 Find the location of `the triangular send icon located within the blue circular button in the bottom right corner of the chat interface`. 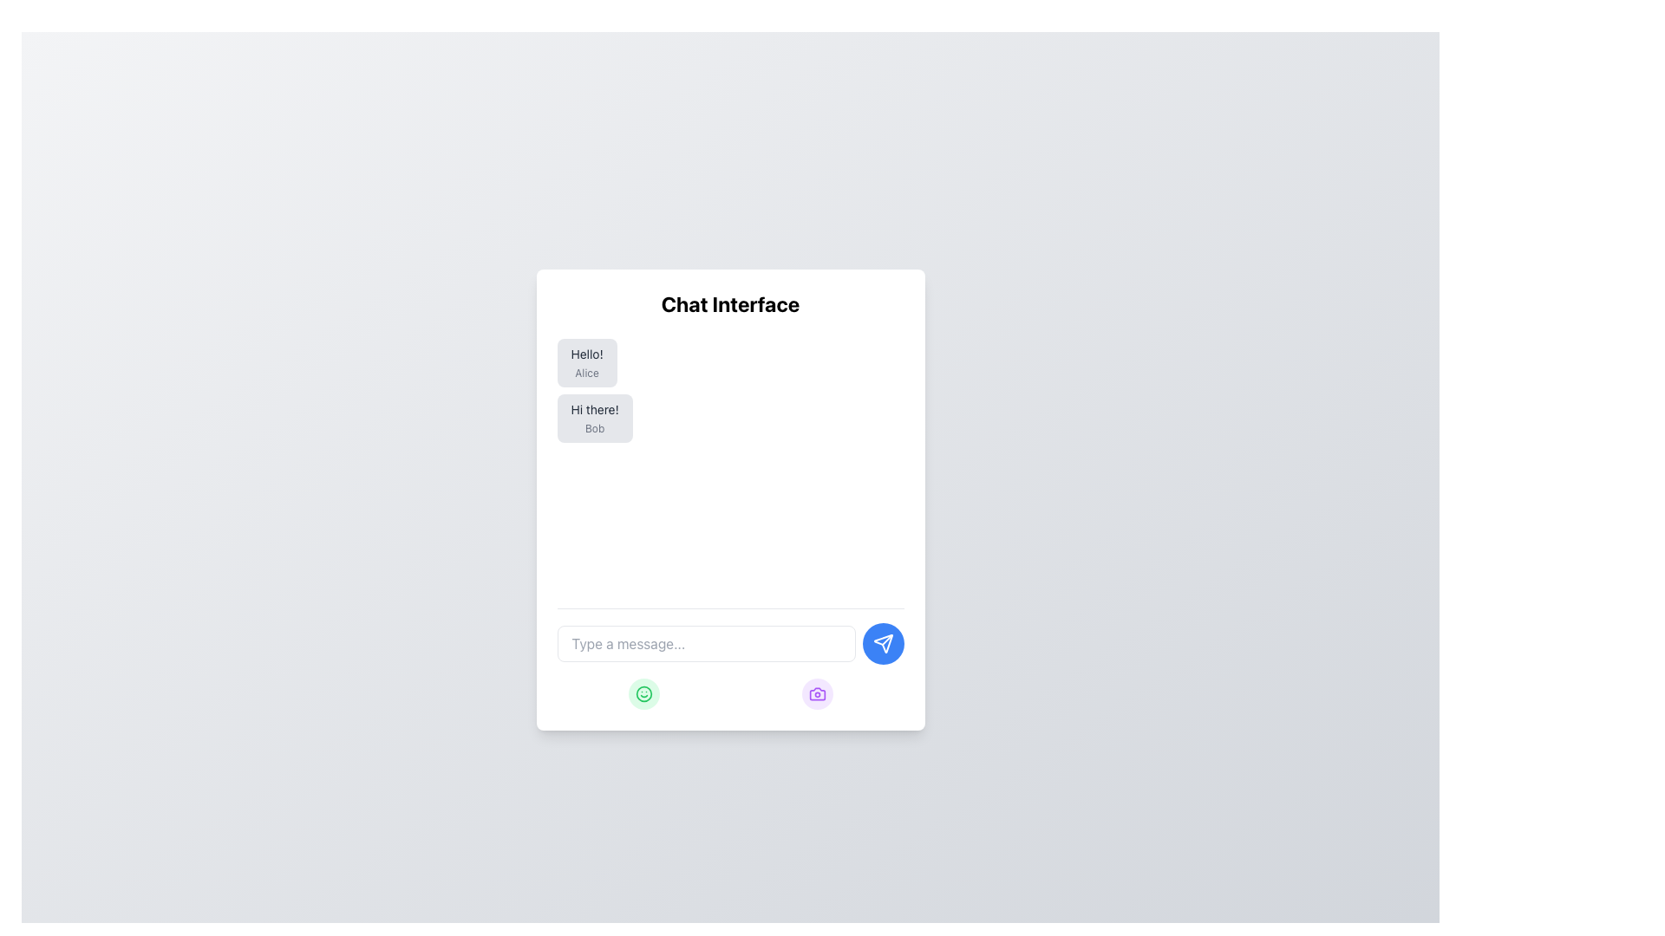

the triangular send icon located within the blue circular button in the bottom right corner of the chat interface is located at coordinates (883, 644).